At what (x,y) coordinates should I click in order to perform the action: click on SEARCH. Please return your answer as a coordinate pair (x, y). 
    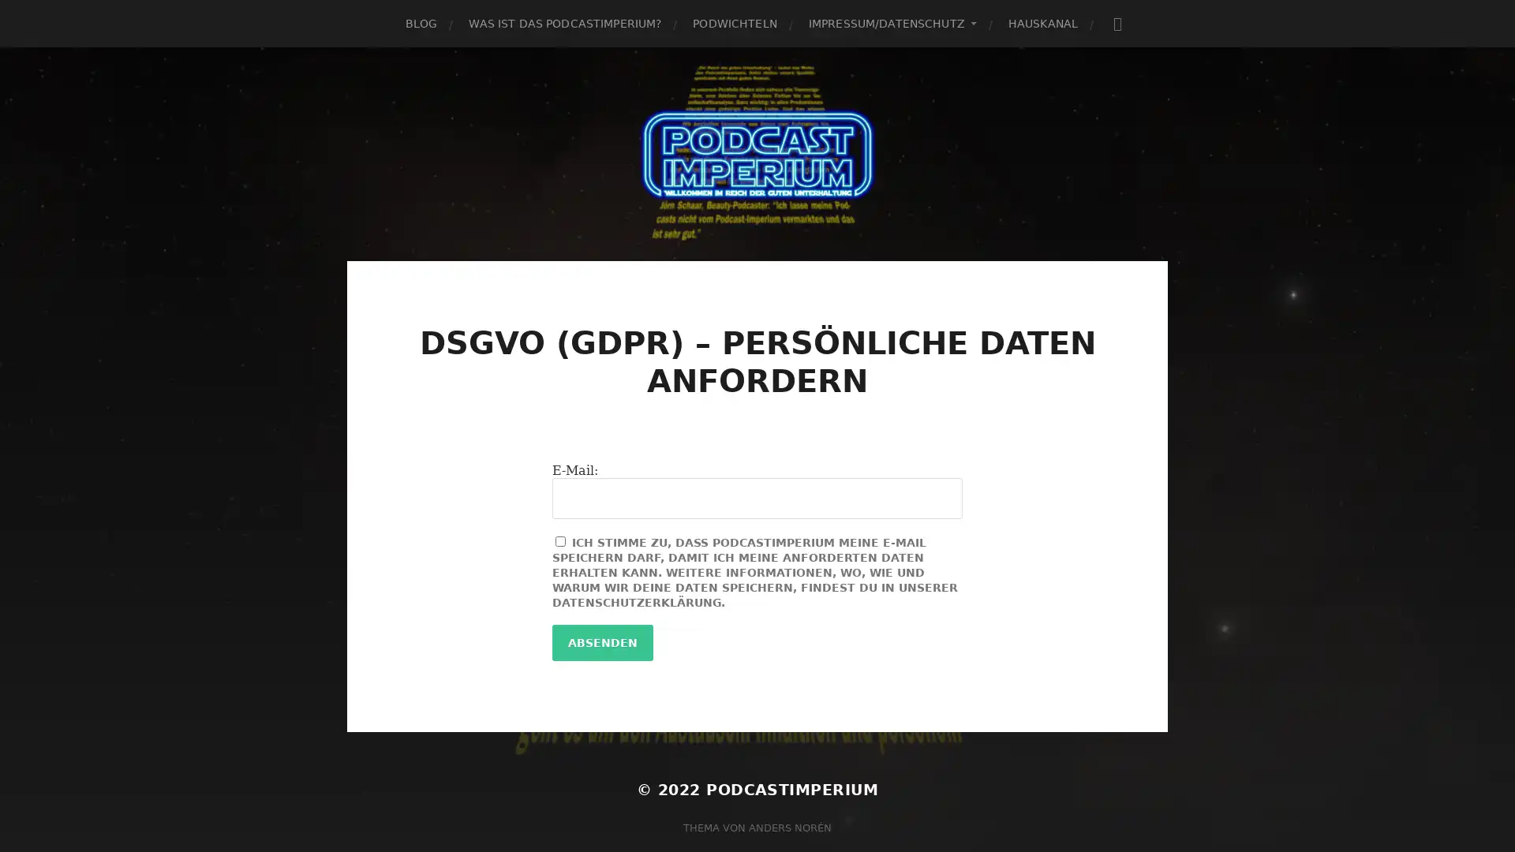
    Looking at the image, I should click on (1117, 23).